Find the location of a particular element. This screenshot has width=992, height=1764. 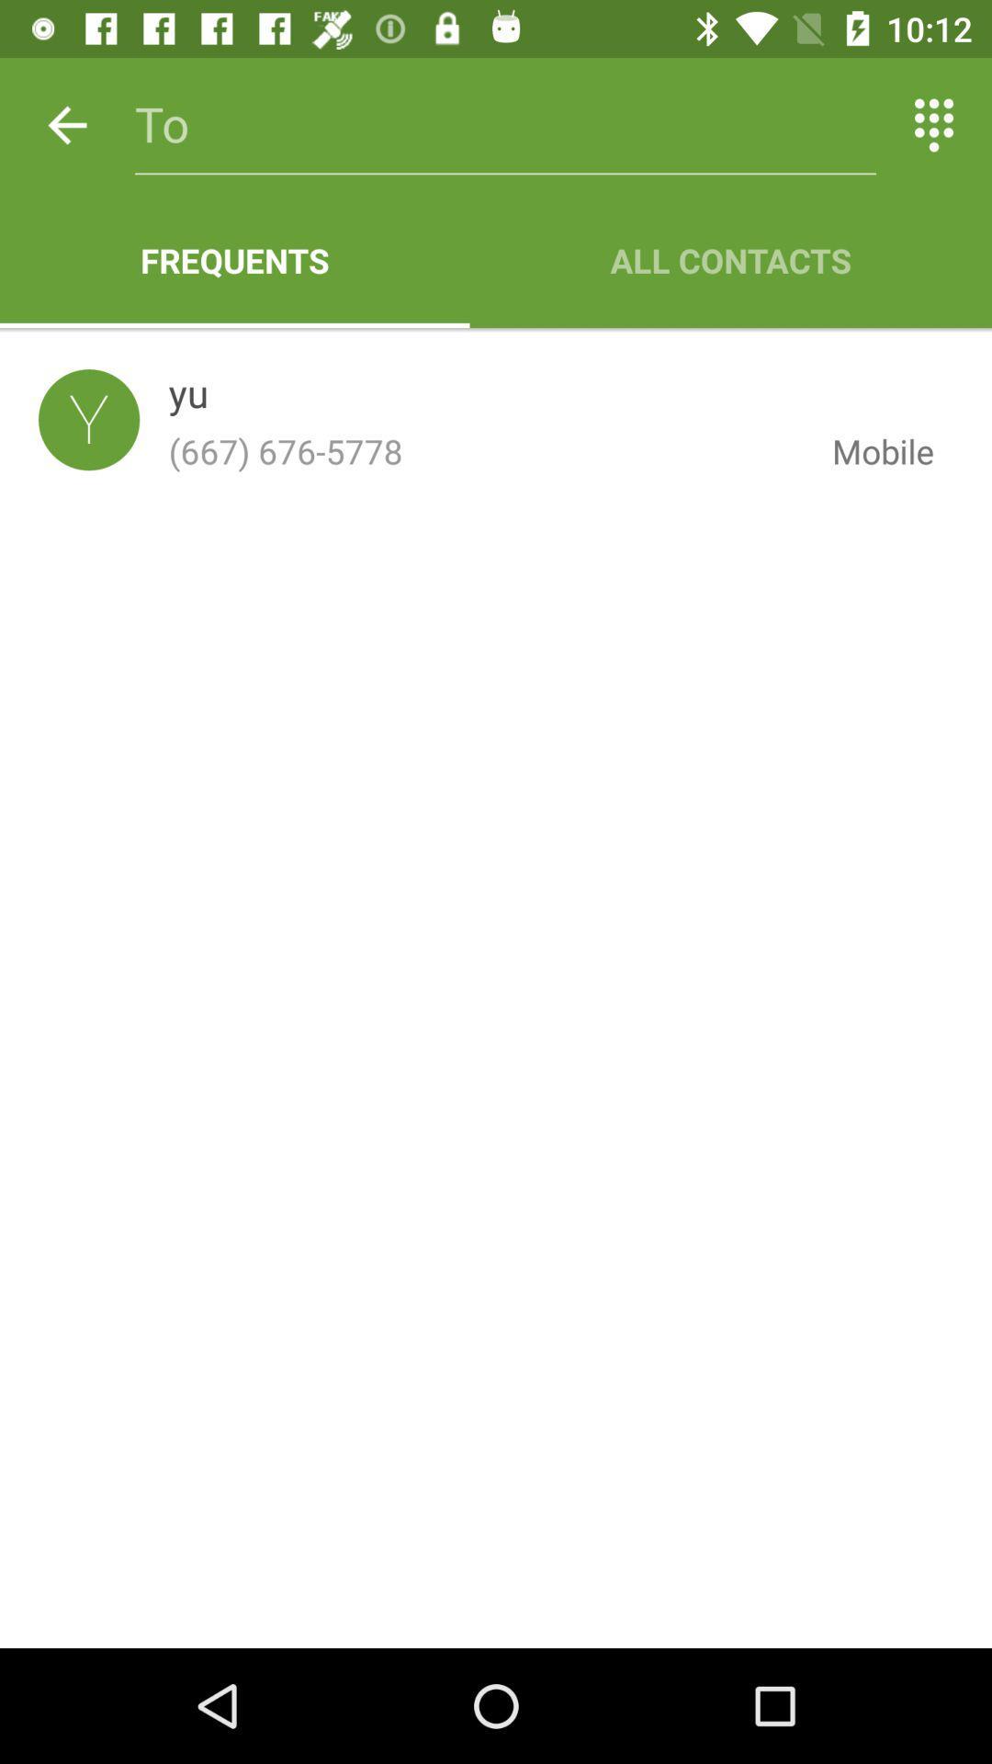

the icon to the left of mobile icon is located at coordinates (188, 396).